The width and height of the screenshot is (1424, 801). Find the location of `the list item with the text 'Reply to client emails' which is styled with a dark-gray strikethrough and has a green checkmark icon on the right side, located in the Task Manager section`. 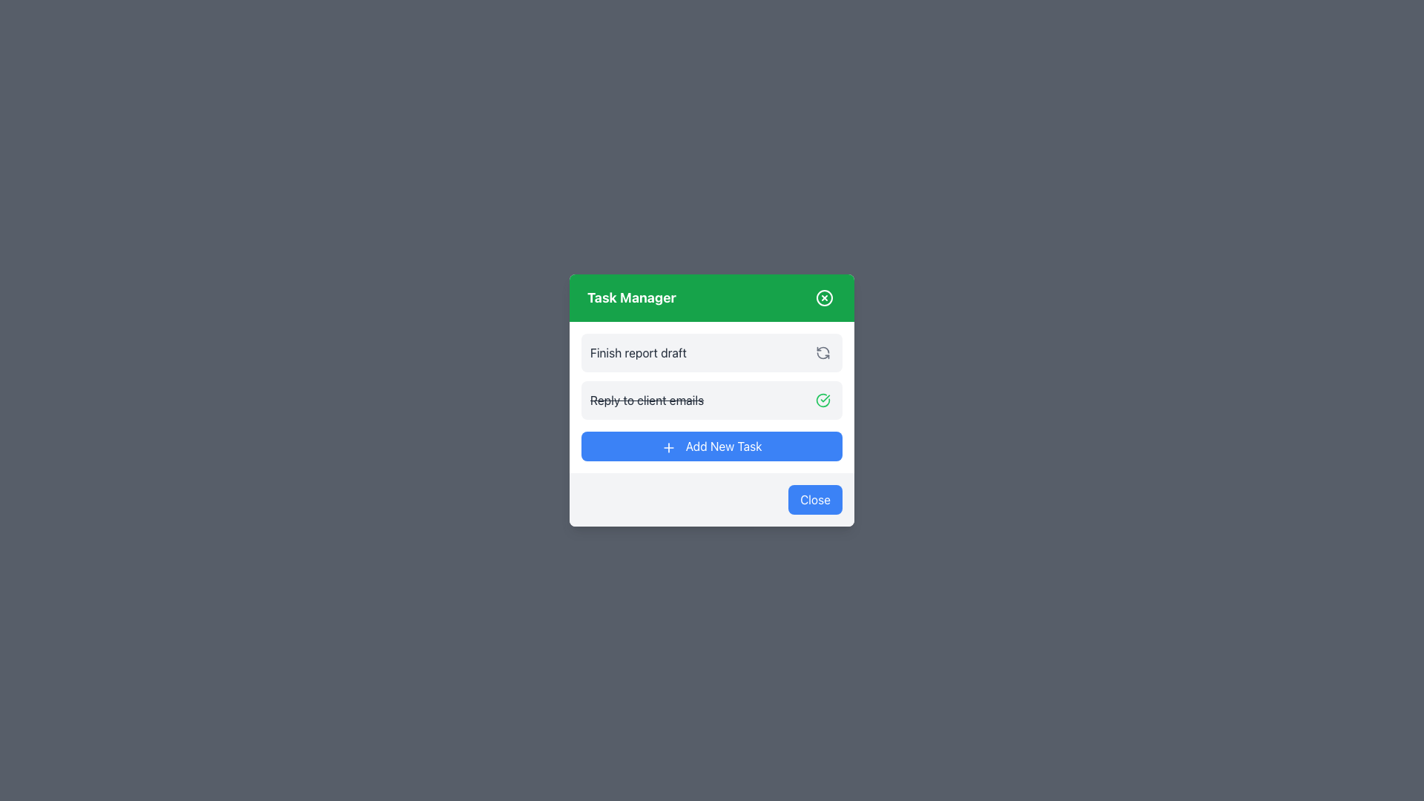

the list item with the text 'Reply to client emails' which is styled with a dark-gray strikethrough and has a green checkmark icon on the right side, located in the Task Manager section is located at coordinates (712, 400).